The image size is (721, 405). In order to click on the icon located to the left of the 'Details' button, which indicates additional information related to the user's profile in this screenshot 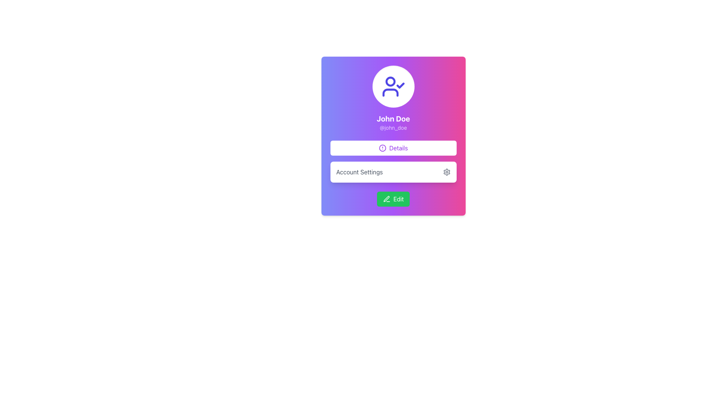, I will do `click(382, 148)`.